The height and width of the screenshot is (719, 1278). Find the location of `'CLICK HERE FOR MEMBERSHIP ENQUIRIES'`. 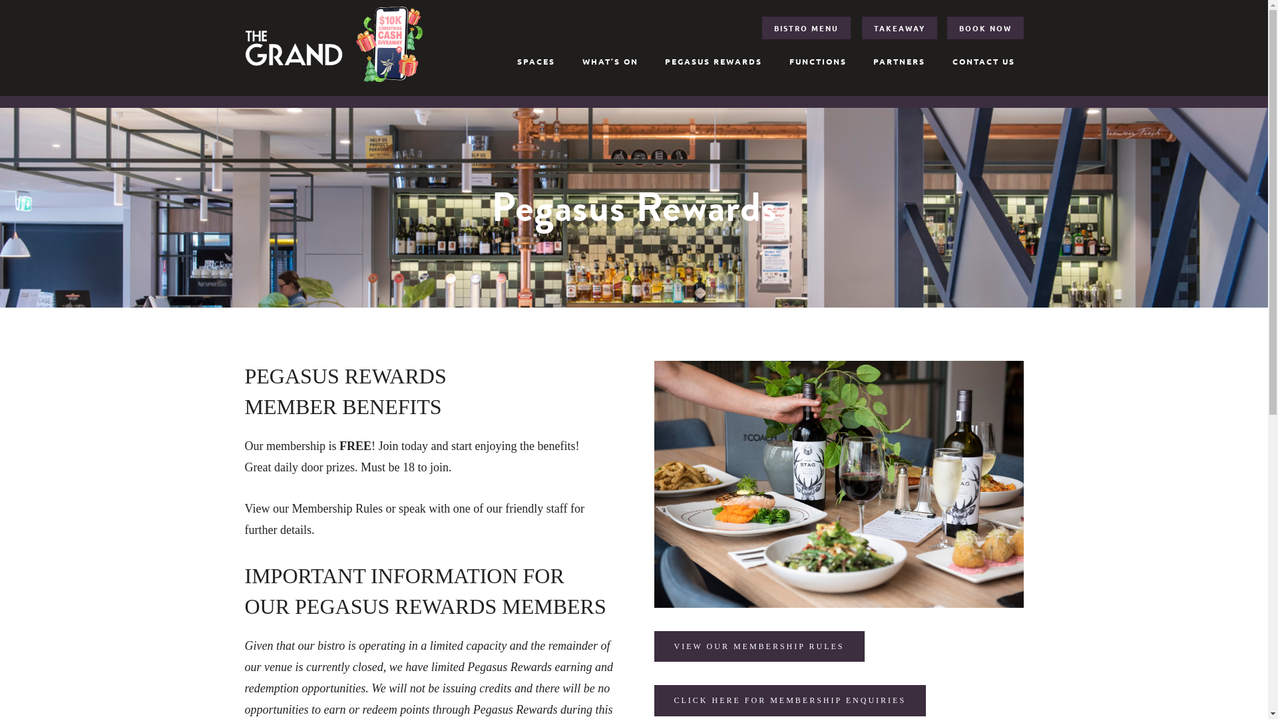

'CLICK HERE FOR MEMBERSHIP ENQUIRIES' is located at coordinates (789, 700).